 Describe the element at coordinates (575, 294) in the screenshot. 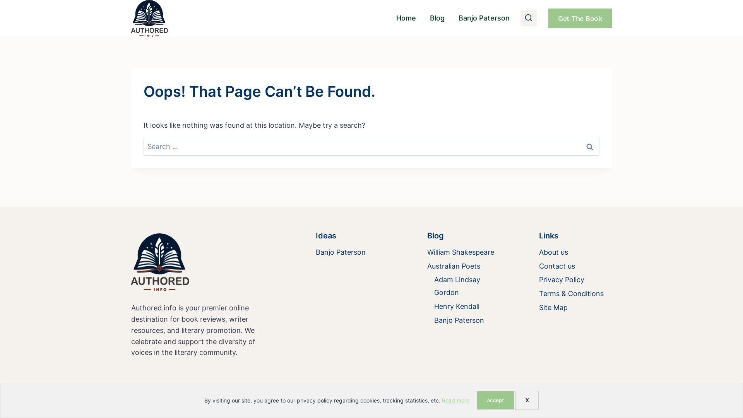

I see `'Terms & Conditions'` at that location.